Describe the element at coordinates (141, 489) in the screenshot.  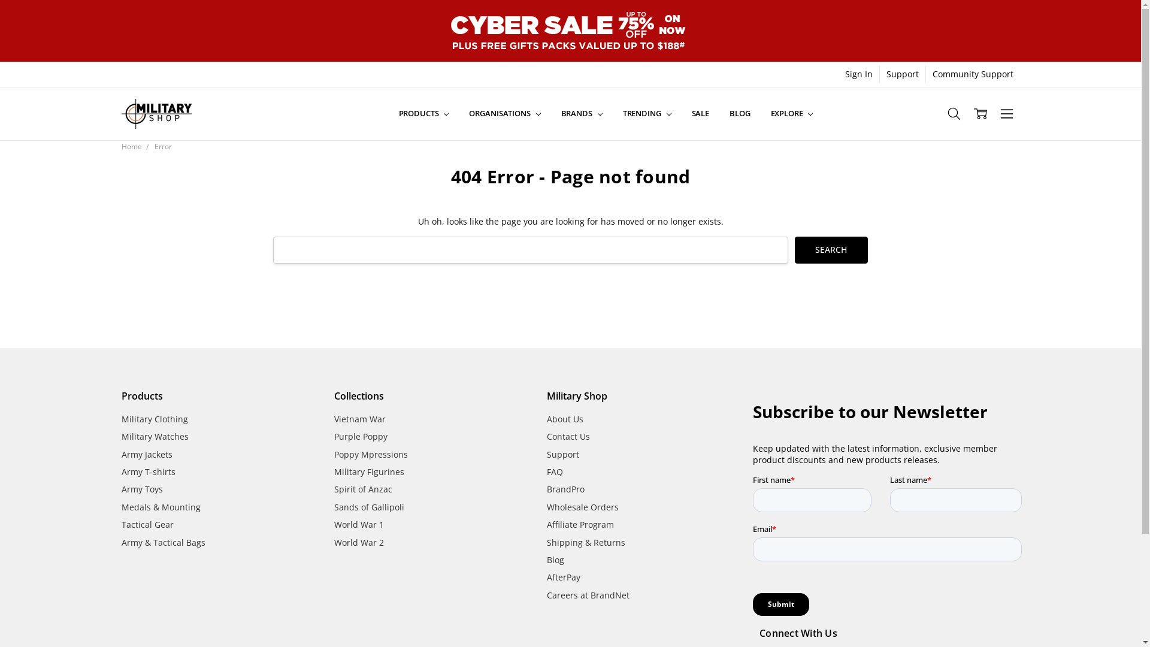
I see `'Army Toys'` at that location.